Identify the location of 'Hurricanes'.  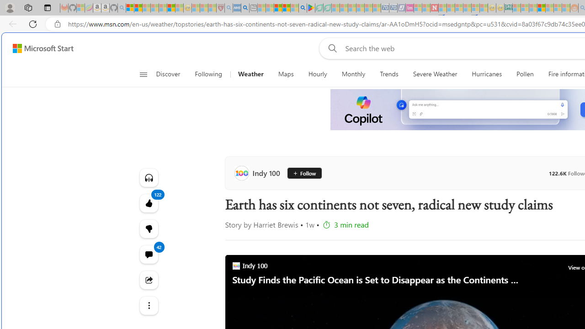
(486, 74).